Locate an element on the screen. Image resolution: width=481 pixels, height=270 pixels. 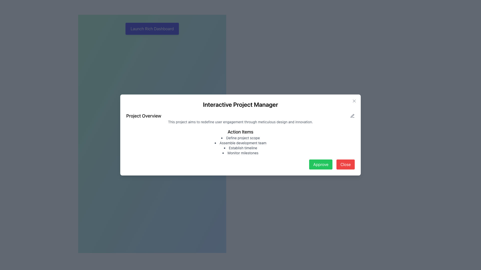
the close button located at the bottom-right of the modal dialog to observe the hover effect is located at coordinates (345, 164).